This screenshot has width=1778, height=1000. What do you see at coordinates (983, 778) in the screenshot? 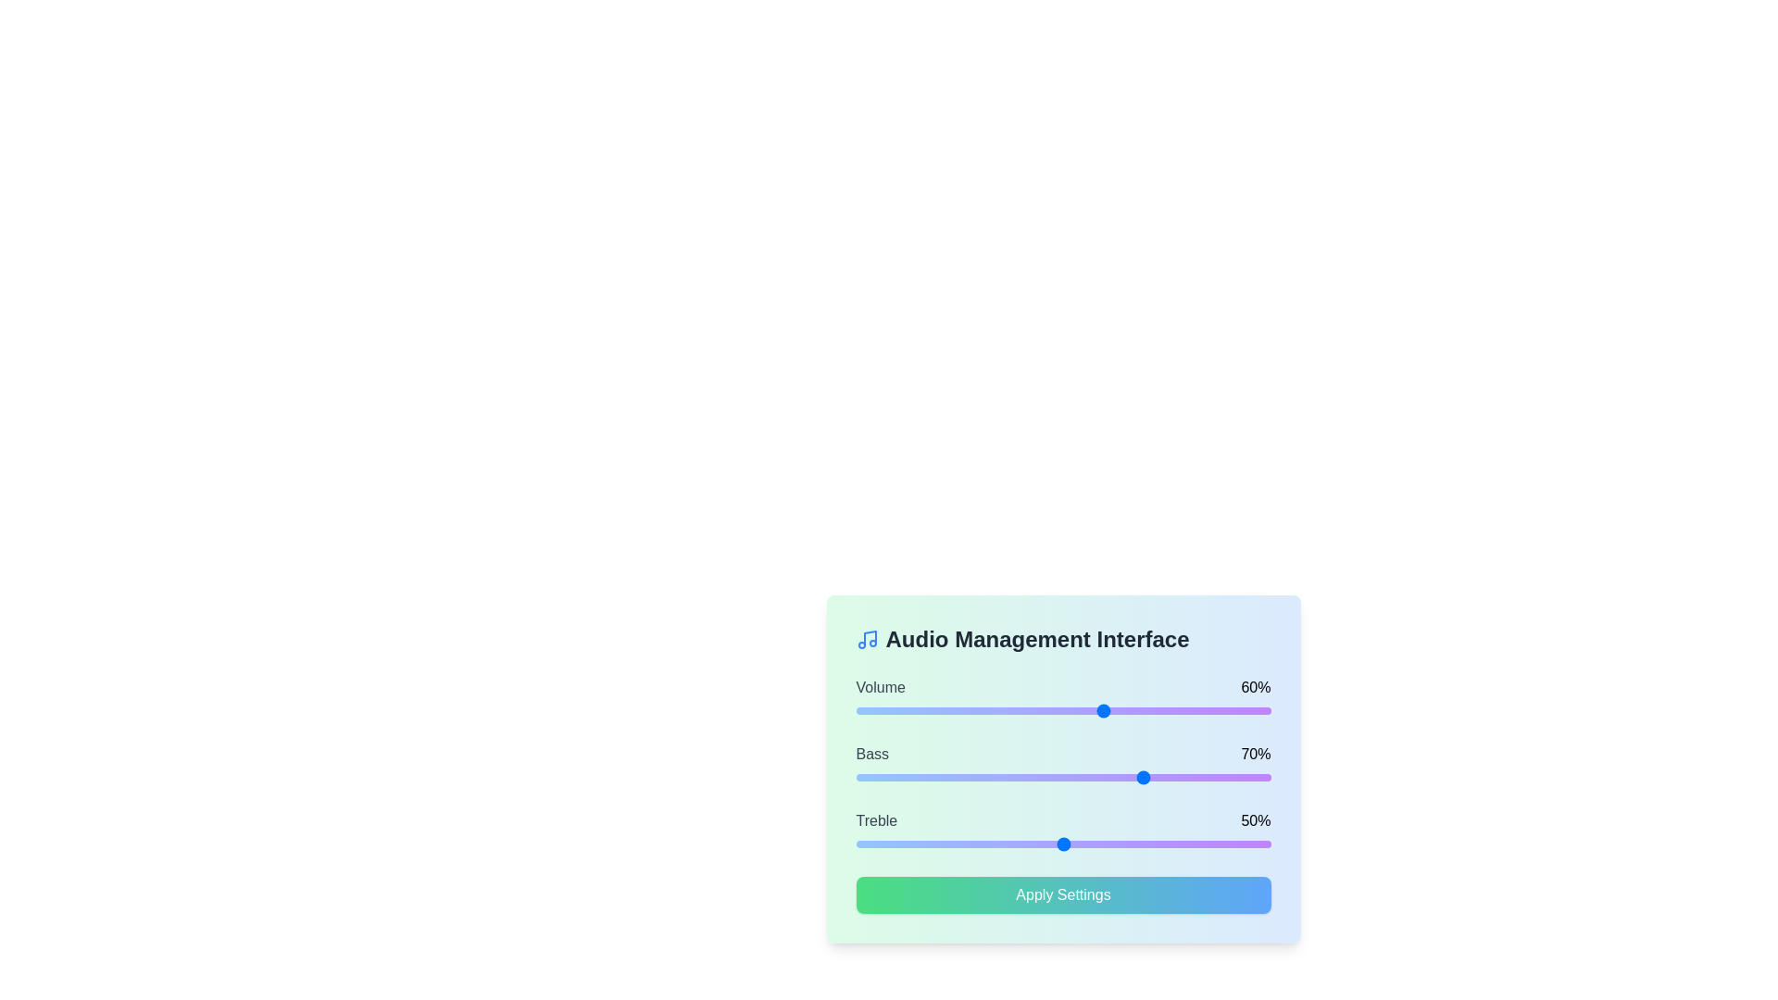
I see `the slider` at bounding box center [983, 778].